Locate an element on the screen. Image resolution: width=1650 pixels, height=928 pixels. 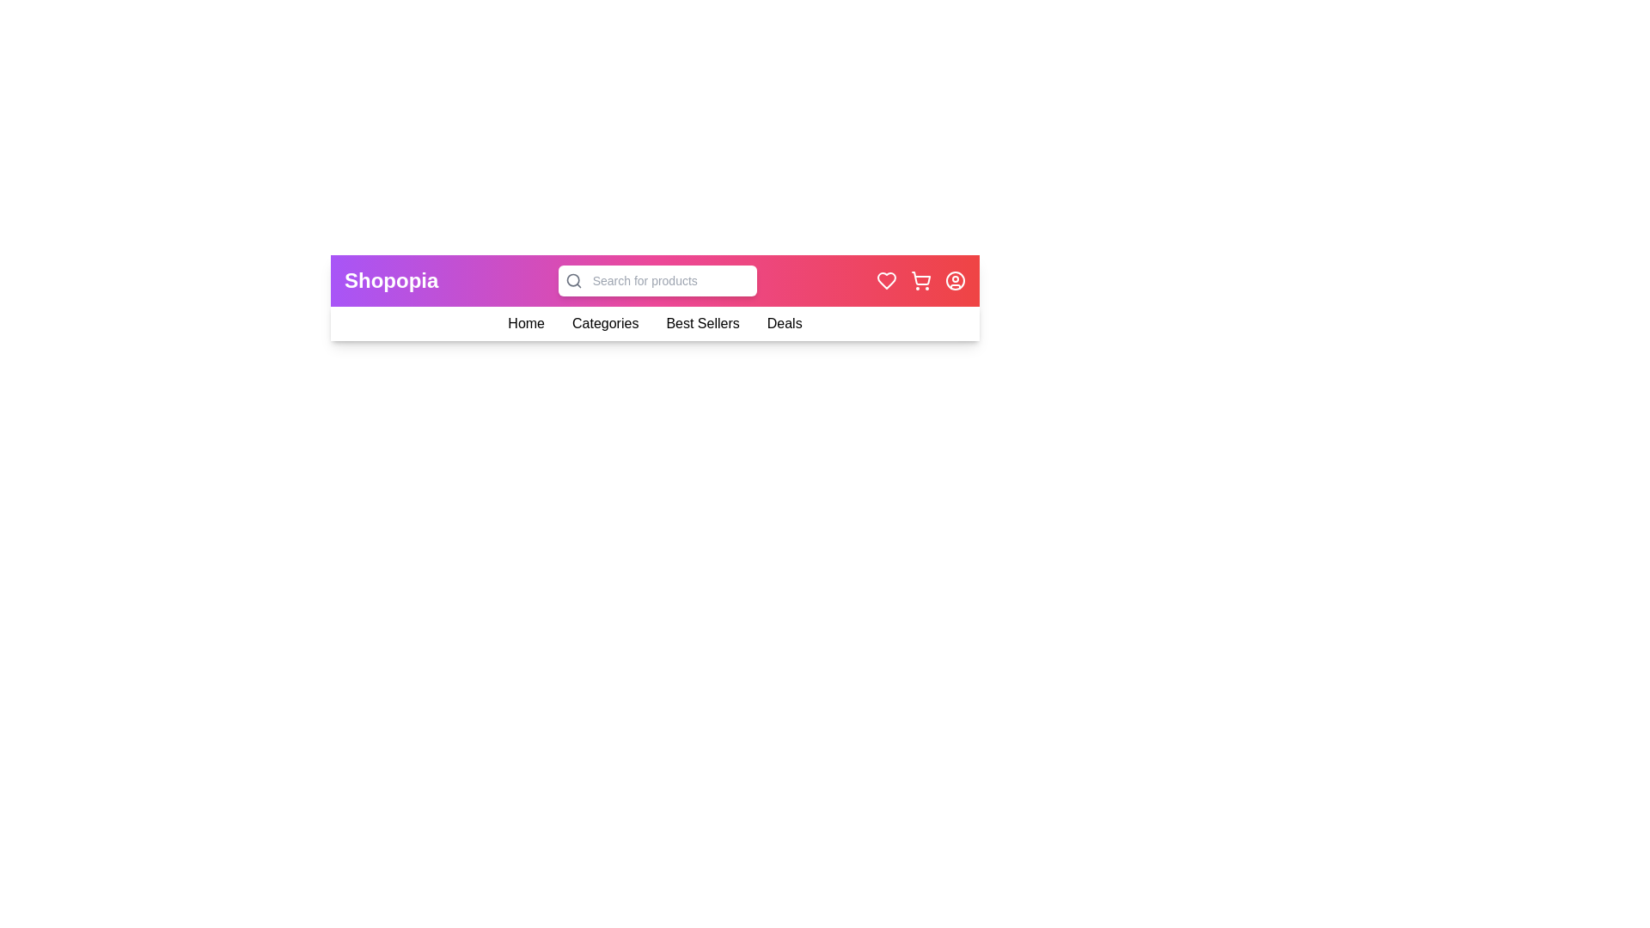
the Home navigation link is located at coordinates (525, 324).